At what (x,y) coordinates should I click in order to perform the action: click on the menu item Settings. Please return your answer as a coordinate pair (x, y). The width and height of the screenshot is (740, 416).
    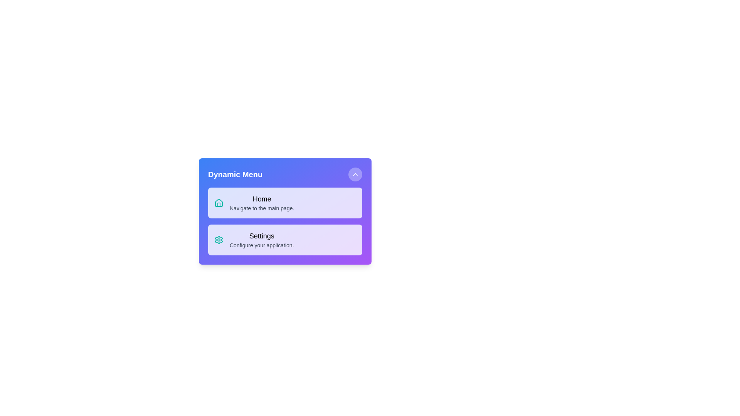
    Looking at the image, I should click on (284, 240).